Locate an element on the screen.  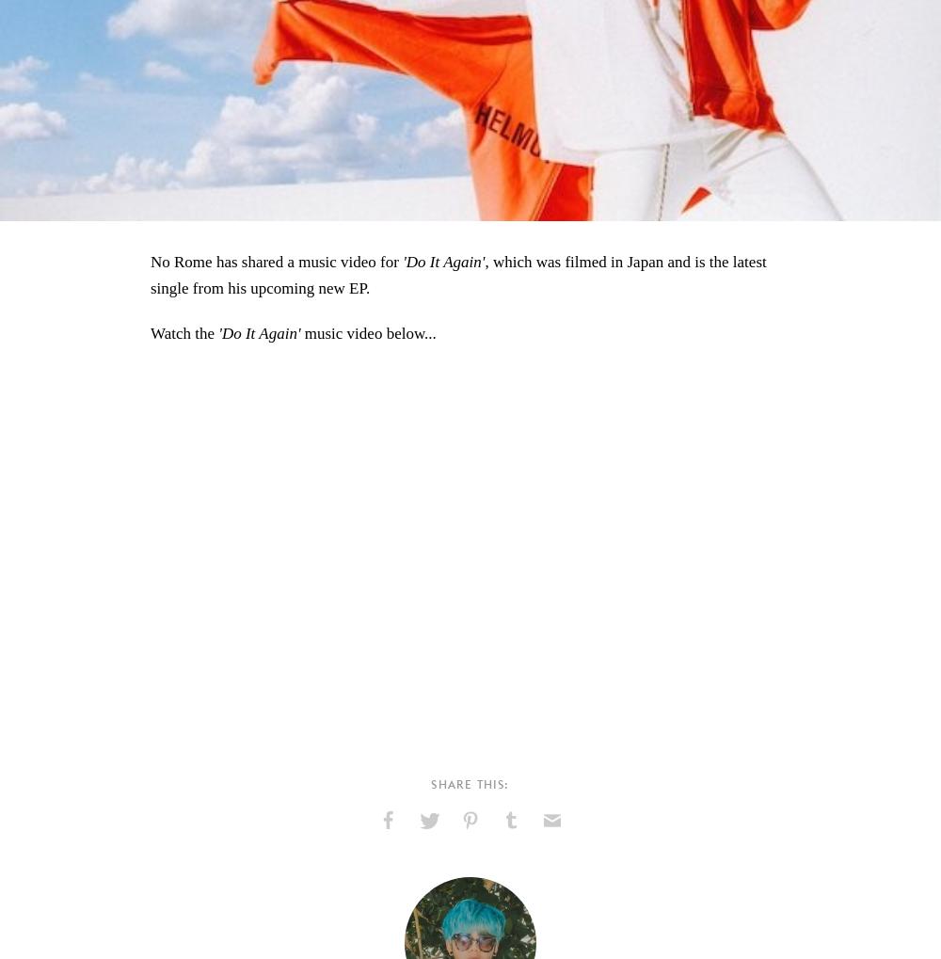
'Watch the' is located at coordinates (183, 333).